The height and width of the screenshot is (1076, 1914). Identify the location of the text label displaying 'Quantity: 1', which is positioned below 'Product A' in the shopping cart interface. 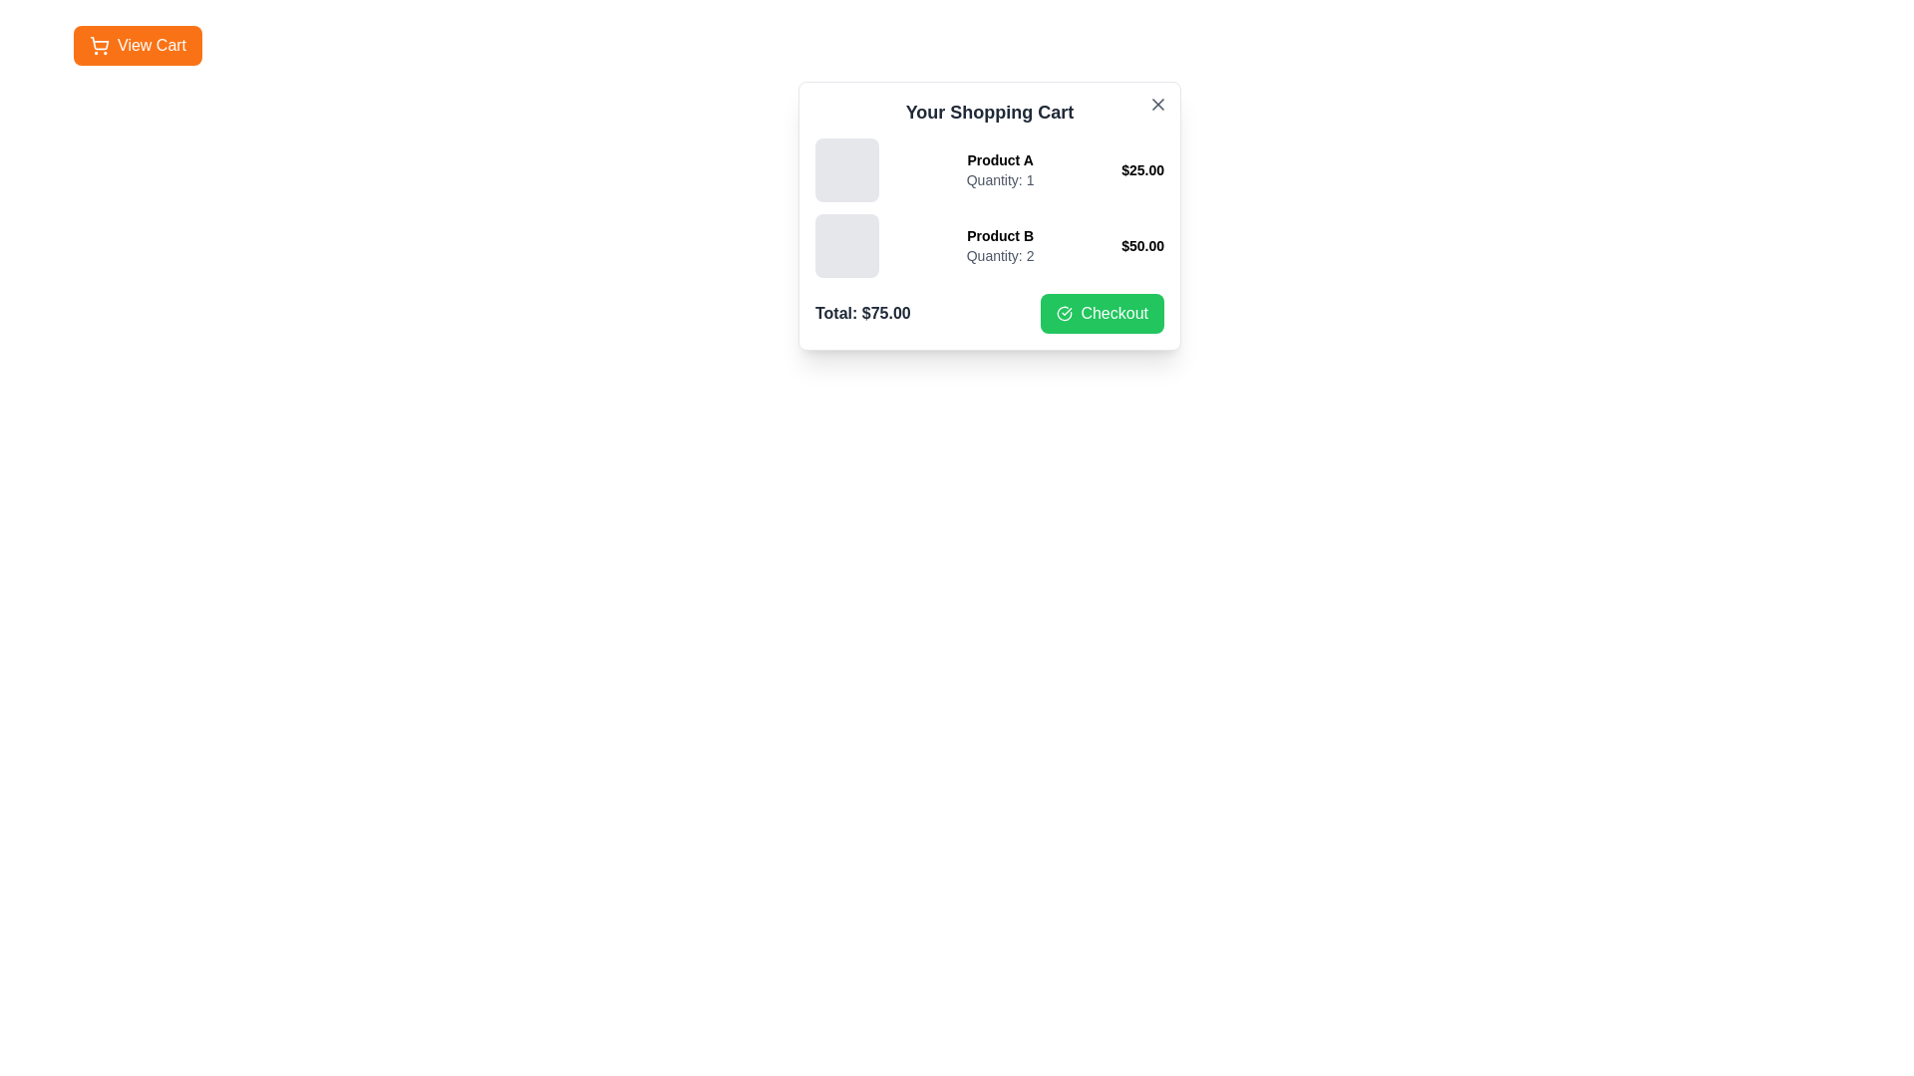
(1000, 180).